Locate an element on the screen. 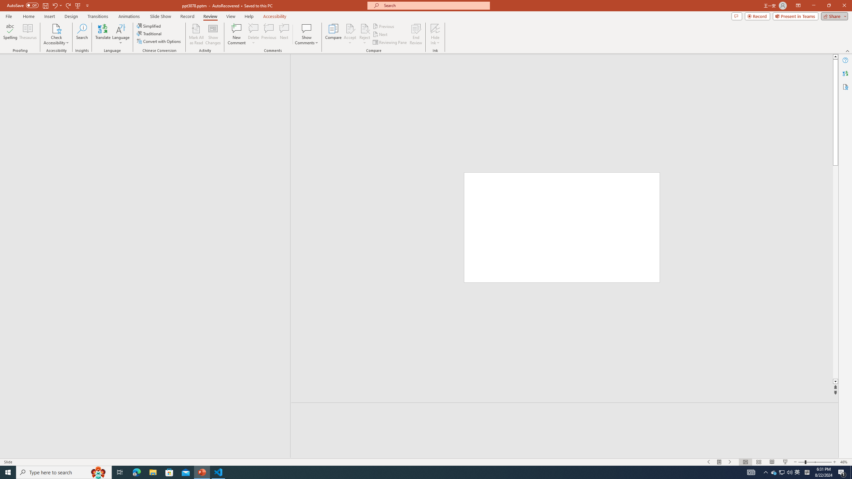 Image resolution: width=852 pixels, height=479 pixels. 'Accept Change' is located at coordinates (350, 28).